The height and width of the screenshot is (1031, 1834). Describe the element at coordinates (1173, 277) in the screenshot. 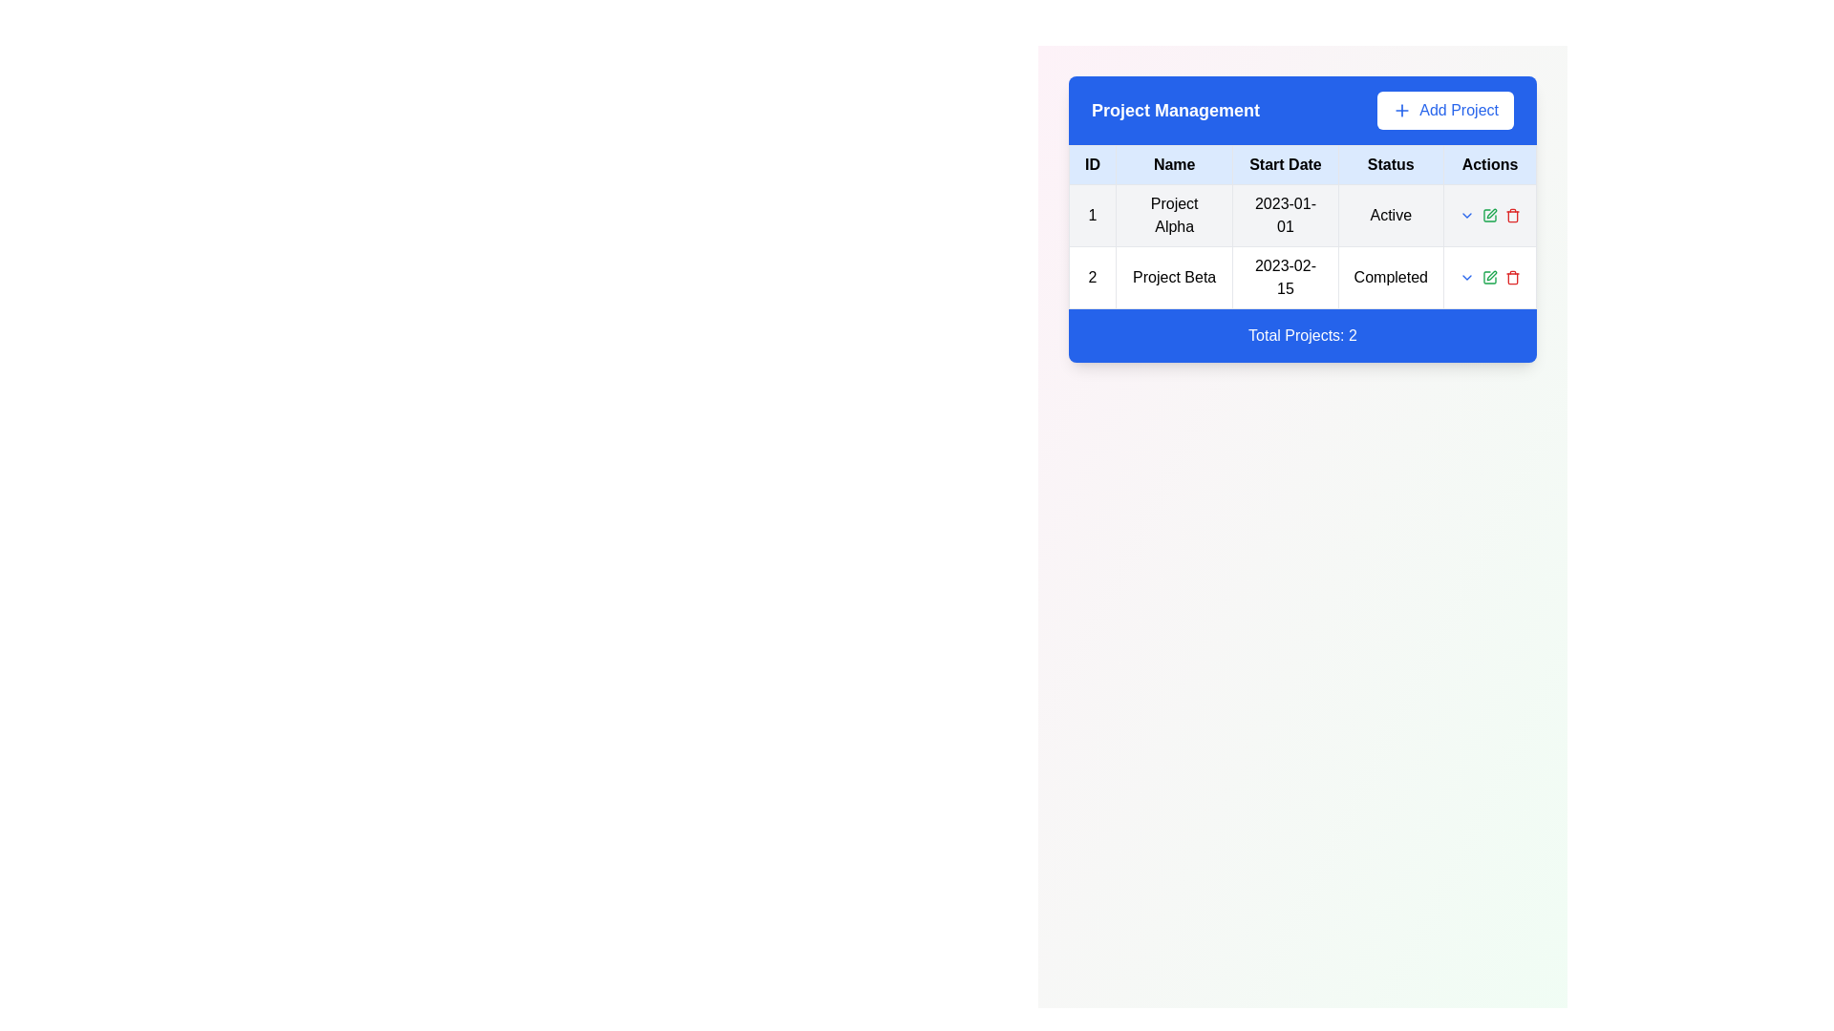

I see `the text display element that shows the project name 'Project Beta' located in the second row and second column of the table under the 'Name' column` at that location.